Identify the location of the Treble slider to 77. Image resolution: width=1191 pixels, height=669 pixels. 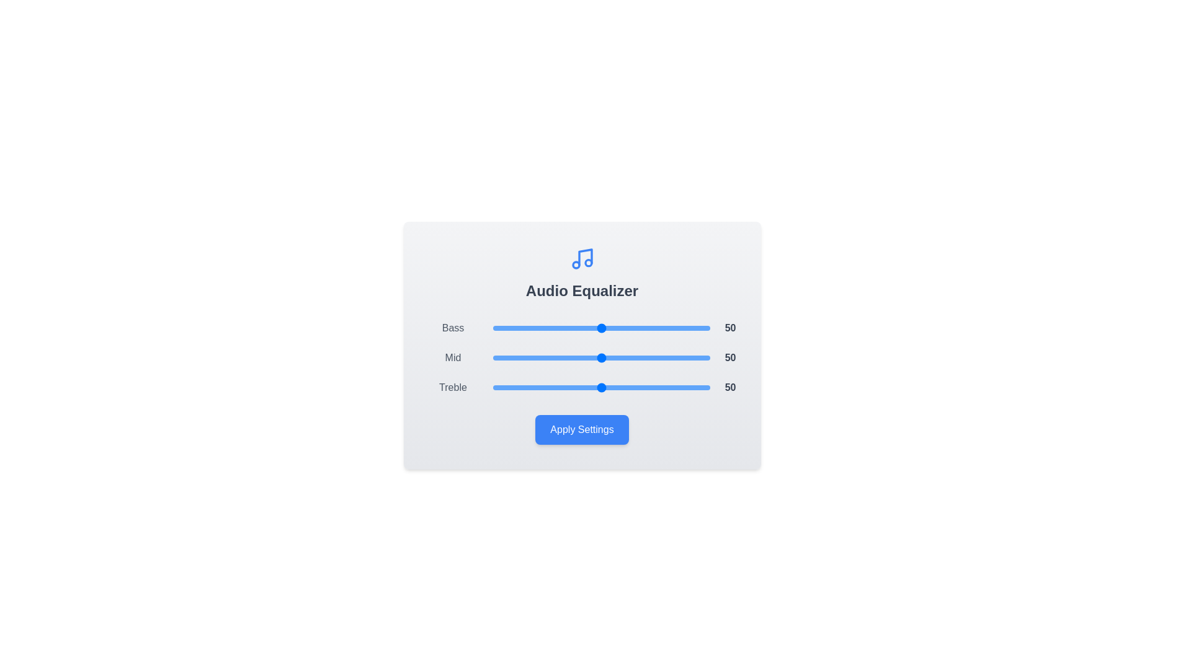
(659, 387).